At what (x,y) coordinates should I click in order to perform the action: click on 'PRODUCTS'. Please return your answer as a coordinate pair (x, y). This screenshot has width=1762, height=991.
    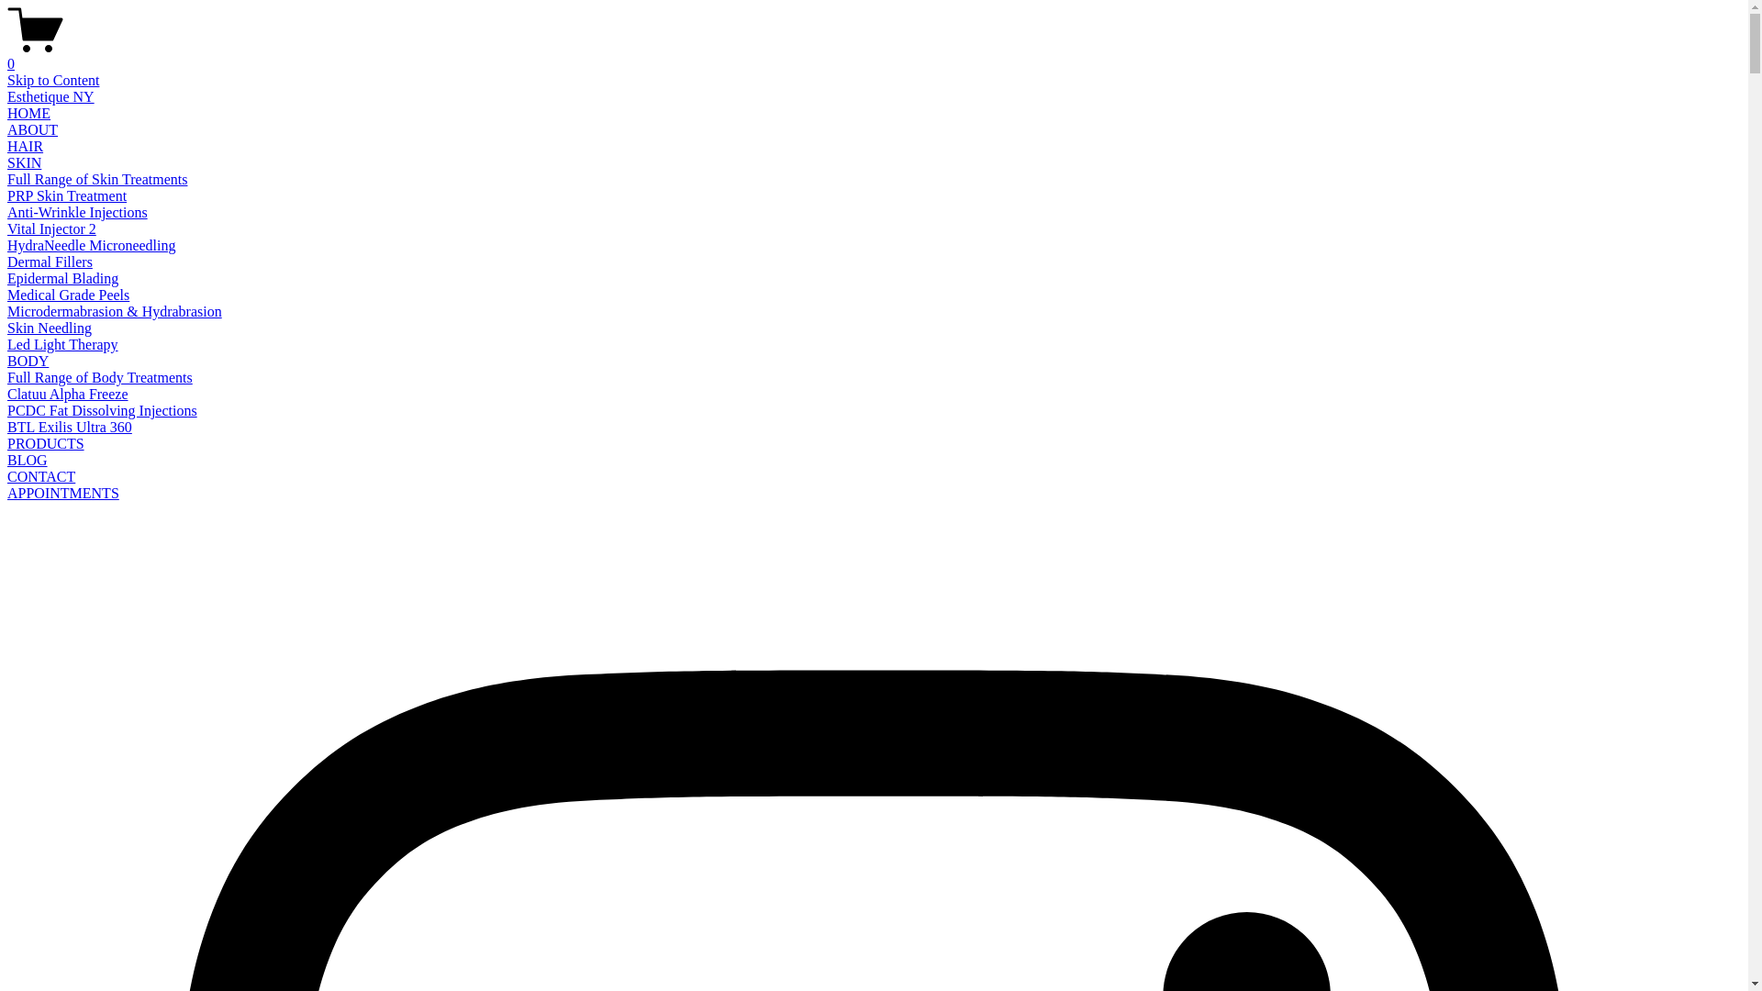
    Looking at the image, I should click on (45, 443).